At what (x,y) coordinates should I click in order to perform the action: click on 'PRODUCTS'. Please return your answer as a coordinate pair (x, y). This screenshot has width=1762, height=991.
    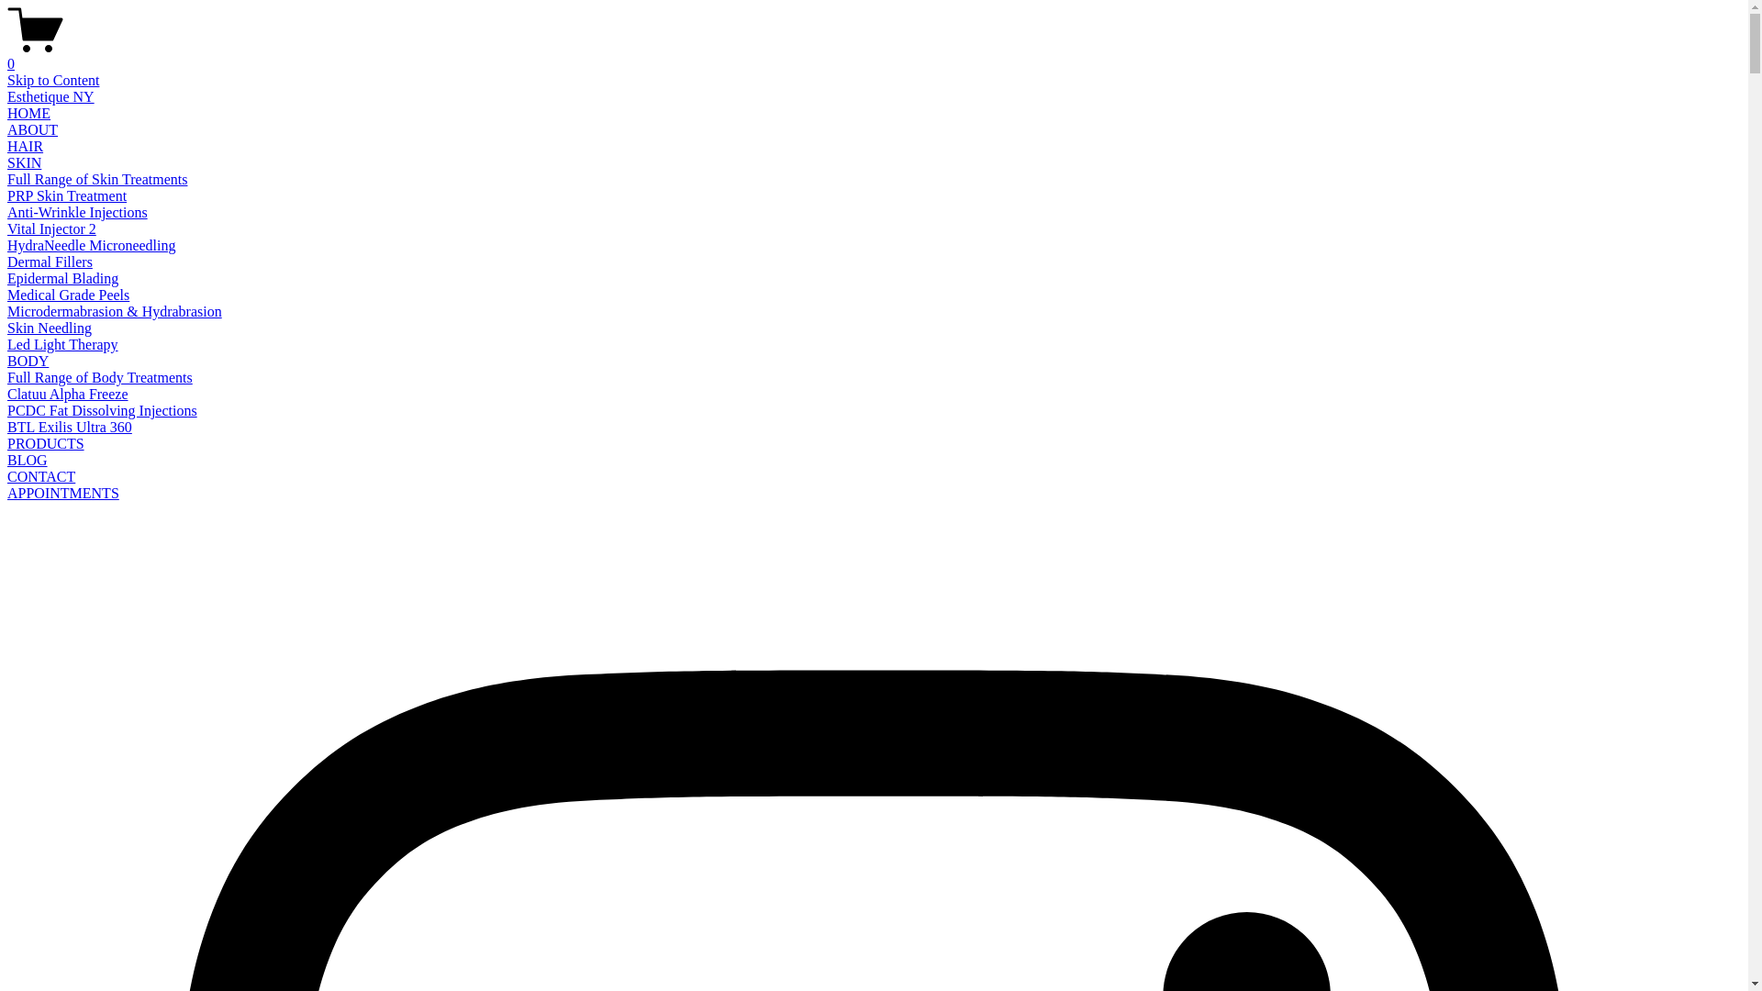
    Looking at the image, I should click on (45, 443).